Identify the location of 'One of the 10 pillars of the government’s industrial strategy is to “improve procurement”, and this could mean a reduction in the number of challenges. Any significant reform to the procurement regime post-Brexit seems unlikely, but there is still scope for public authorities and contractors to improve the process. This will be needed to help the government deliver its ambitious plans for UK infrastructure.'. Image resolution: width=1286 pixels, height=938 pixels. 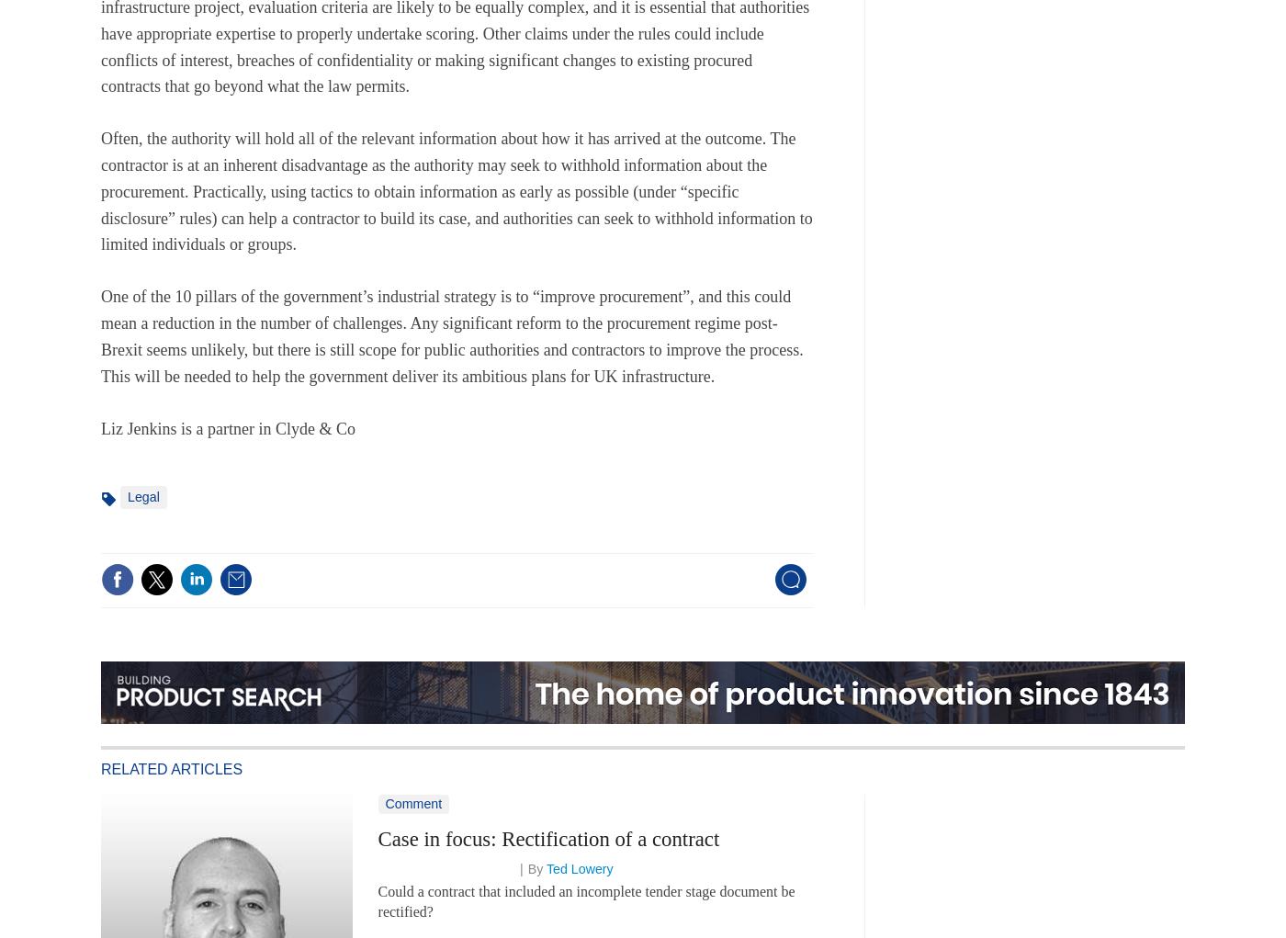
(451, 336).